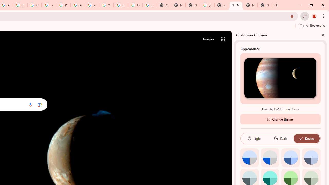  Describe the element at coordinates (20, 5) in the screenshot. I see `'Sign in - Google Accounts'` at that location.